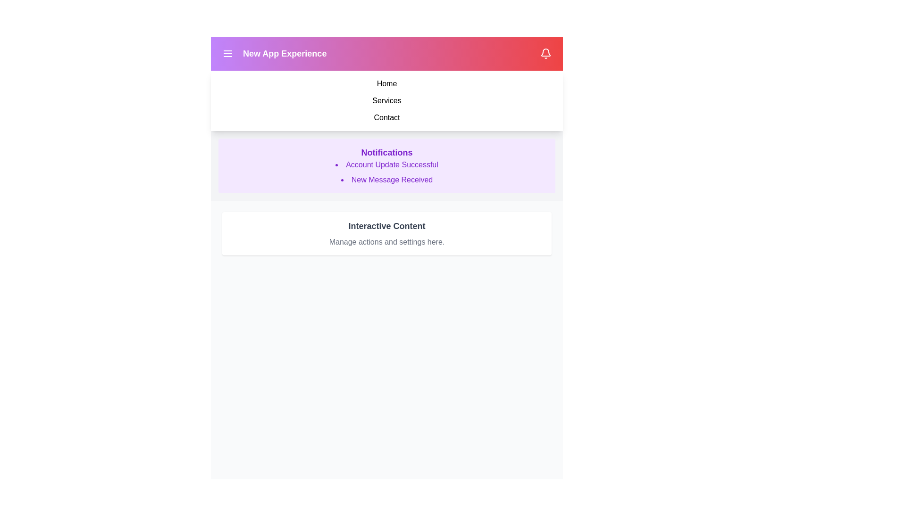  Describe the element at coordinates (387, 117) in the screenshot. I see `the menu item Contact from the navigation menu` at that location.